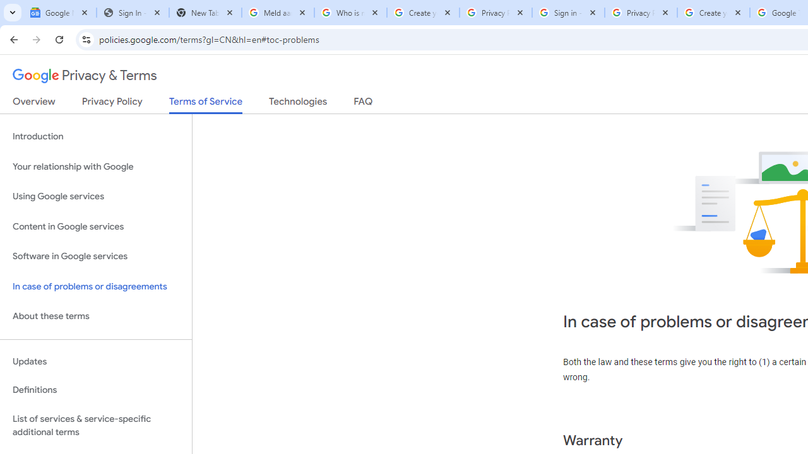 This screenshot has width=808, height=454. What do you see at coordinates (297, 103) in the screenshot?
I see `'Technologies'` at bounding box center [297, 103].